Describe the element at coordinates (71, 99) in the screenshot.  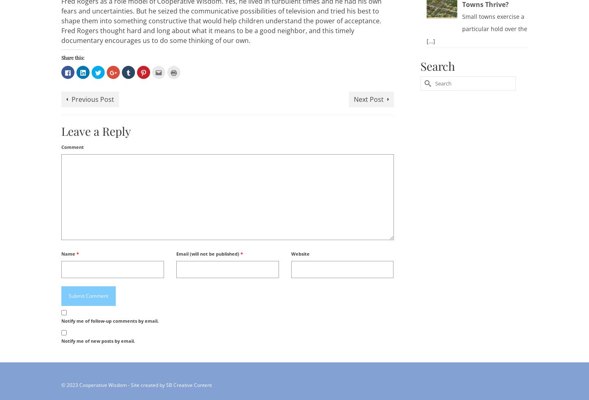
I see `'Previous Post'` at that location.